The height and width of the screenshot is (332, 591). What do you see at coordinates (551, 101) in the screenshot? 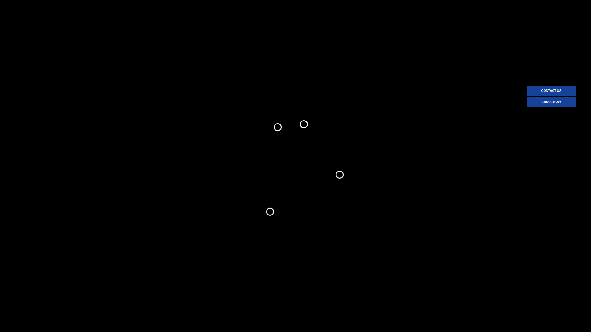
I see `'ENROL NOW'` at bounding box center [551, 101].